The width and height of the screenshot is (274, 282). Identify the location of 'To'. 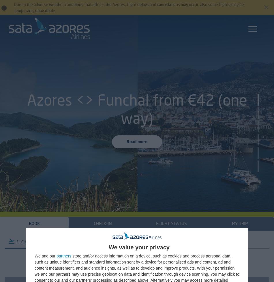
(148, 262).